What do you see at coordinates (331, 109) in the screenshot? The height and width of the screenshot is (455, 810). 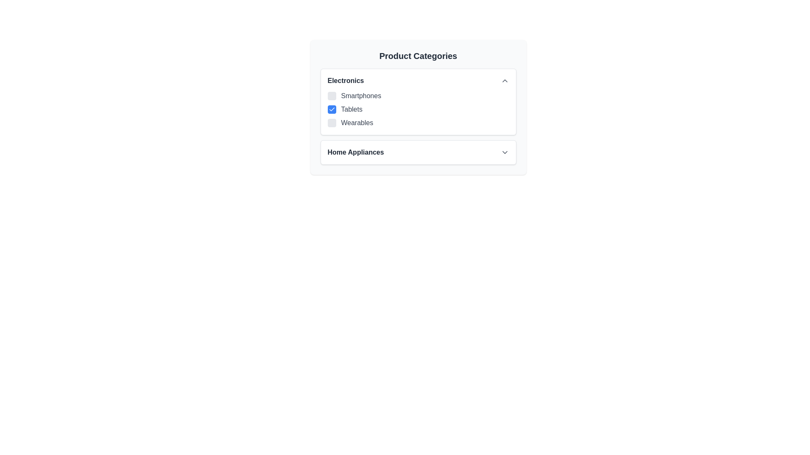 I see `the checkbox styled as a button` at bounding box center [331, 109].